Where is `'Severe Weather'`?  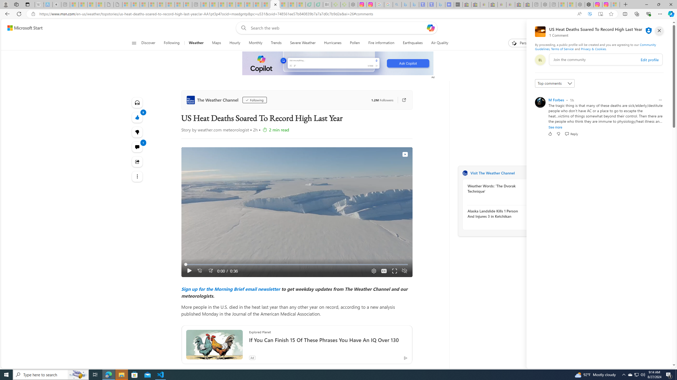 'Severe Weather' is located at coordinates (303, 43).